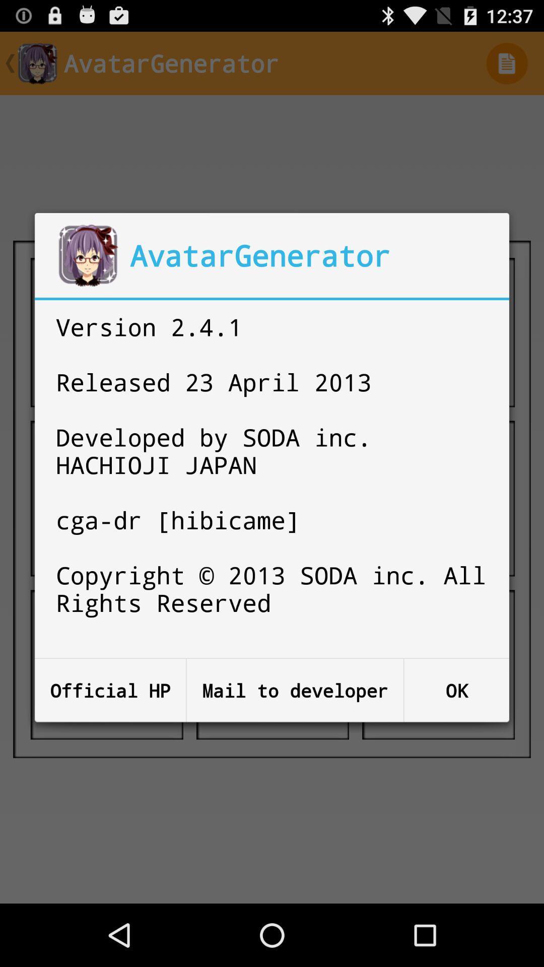 This screenshot has width=544, height=967. What do you see at coordinates (295, 690) in the screenshot?
I see `mail to developer icon` at bounding box center [295, 690].